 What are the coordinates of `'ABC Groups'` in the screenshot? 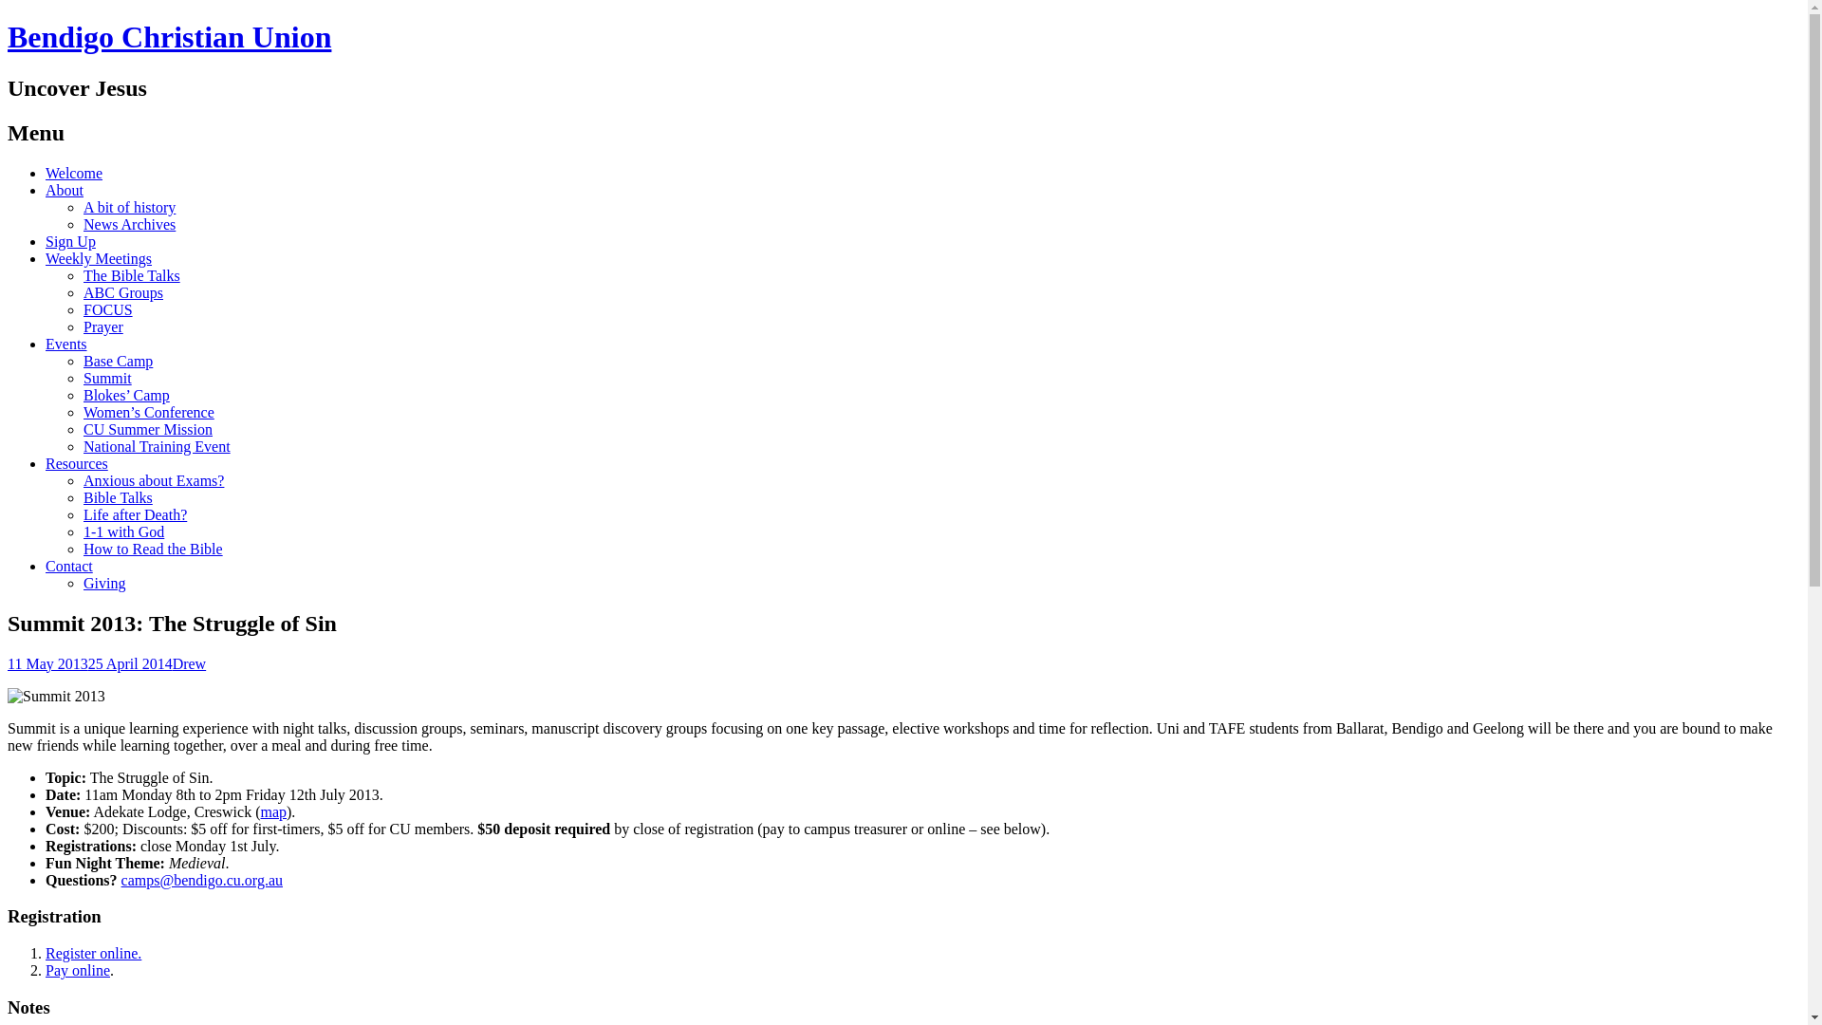 It's located at (121, 292).